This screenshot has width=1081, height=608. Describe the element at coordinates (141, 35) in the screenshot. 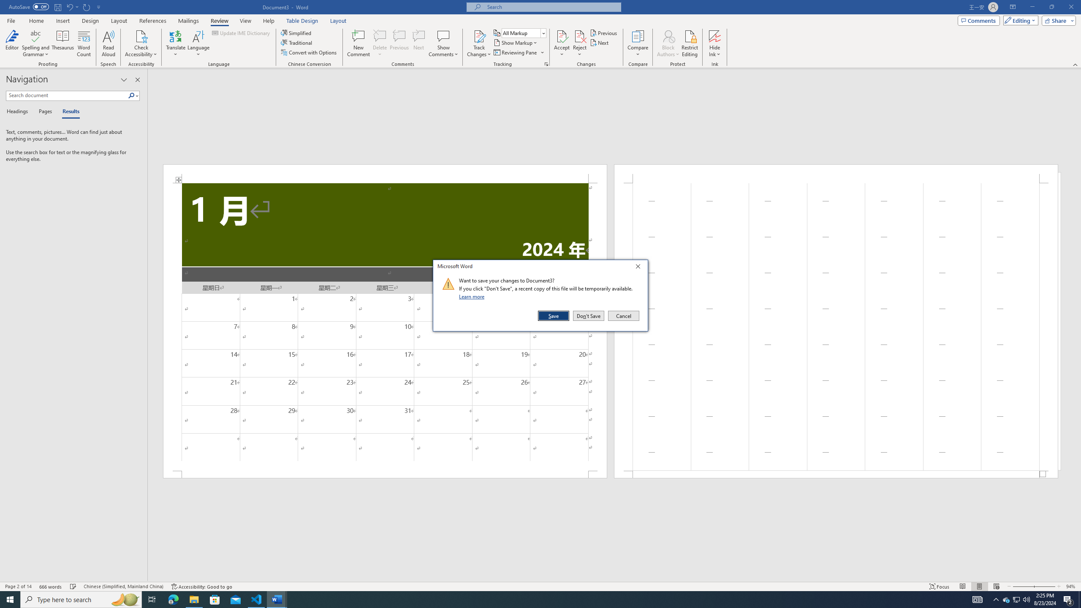

I see `'Check Accessibility'` at that location.